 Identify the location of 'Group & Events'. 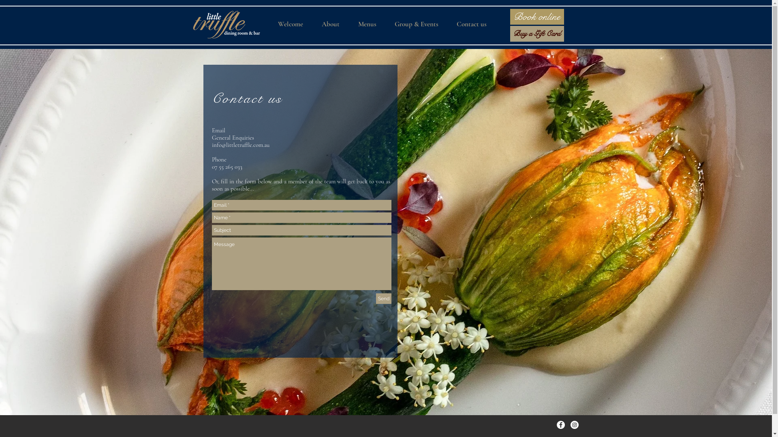
(420, 24).